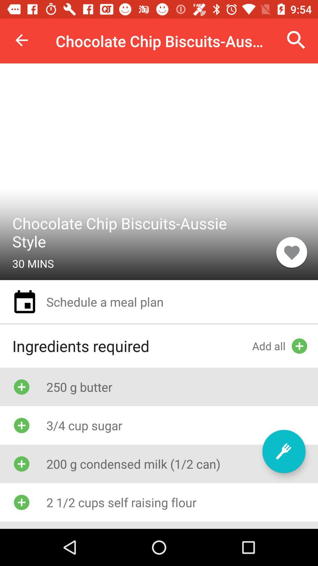 The image size is (318, 566). What do you see at coordinates (284, 451) in the screenshot?
I see `the edit icon` at bounding box center [284, 451].